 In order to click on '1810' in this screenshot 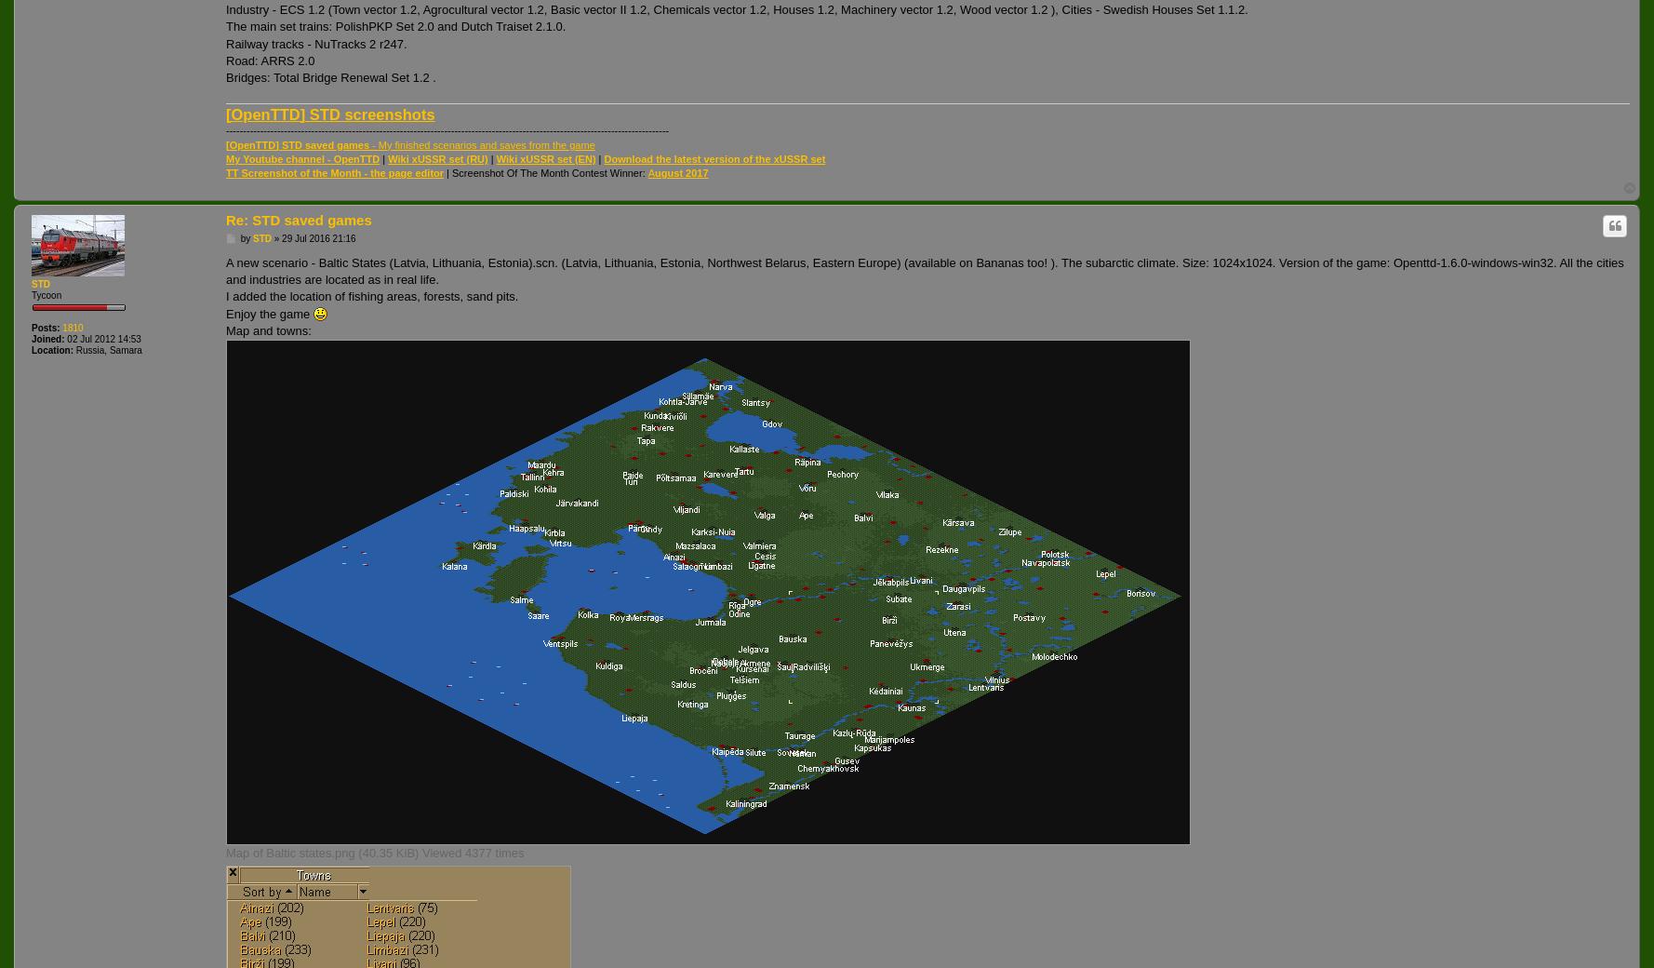, I will do `click(72, 326)`.